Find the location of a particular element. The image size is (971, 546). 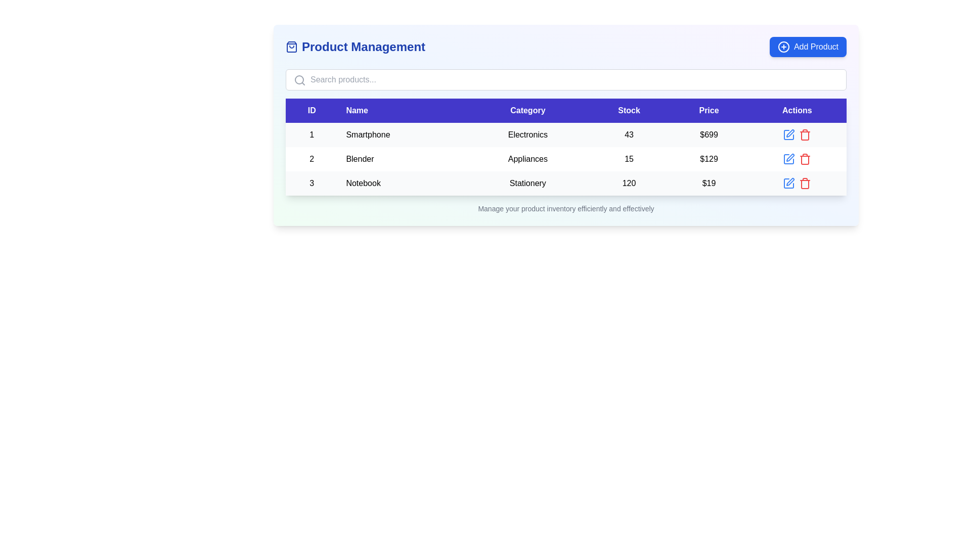

the 'Actions' column header, which is the last header in the table aligned with the top of the table, positioned to the far right after the 'Price' column is located at coordinates (797, 111).